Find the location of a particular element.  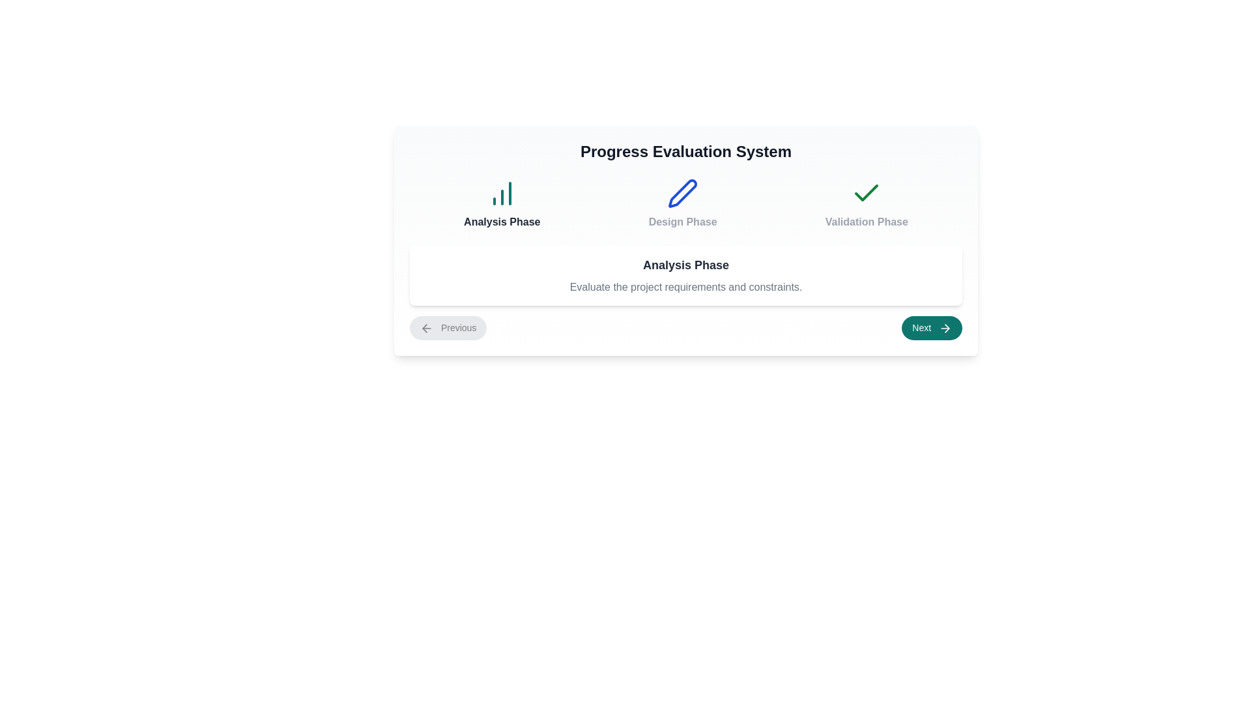

the Analysis Phase phase icon to view its details is located at coordinates (500, 203).